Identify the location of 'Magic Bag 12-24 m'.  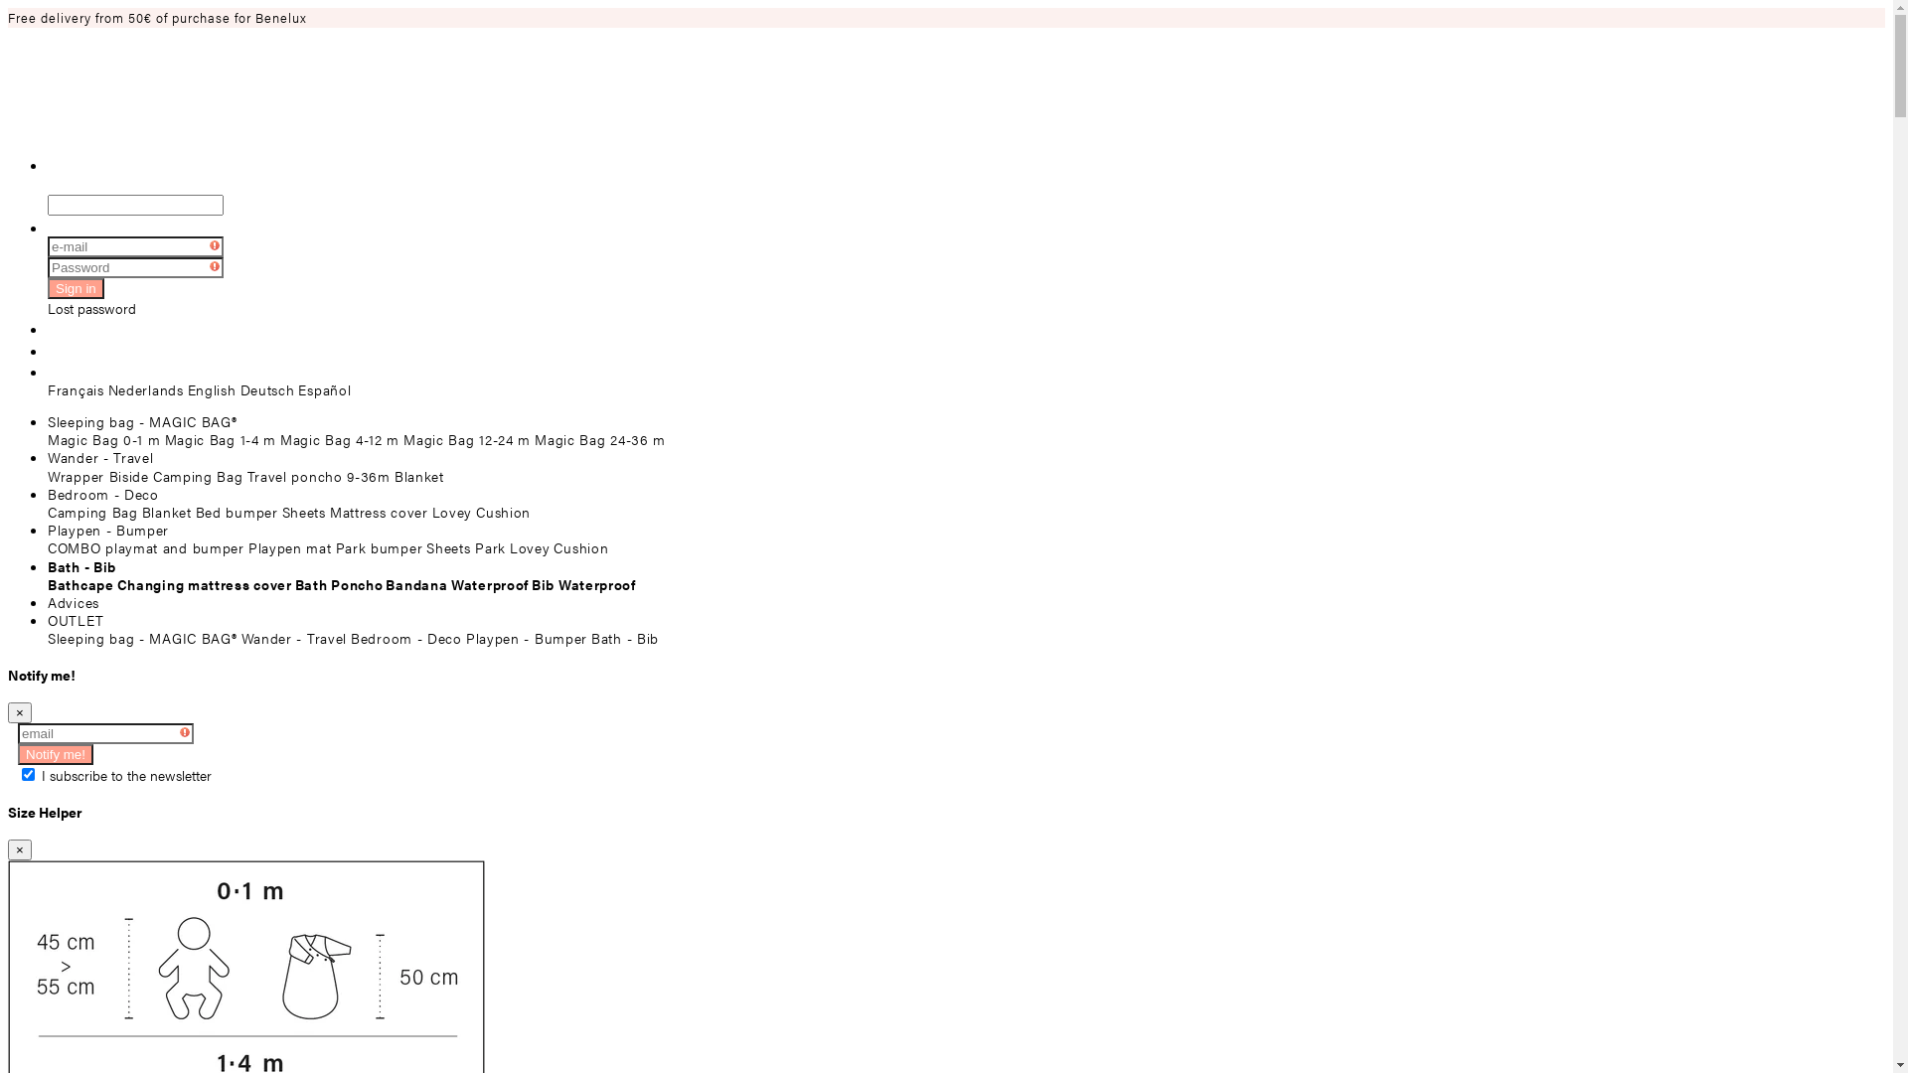
(466, 438).